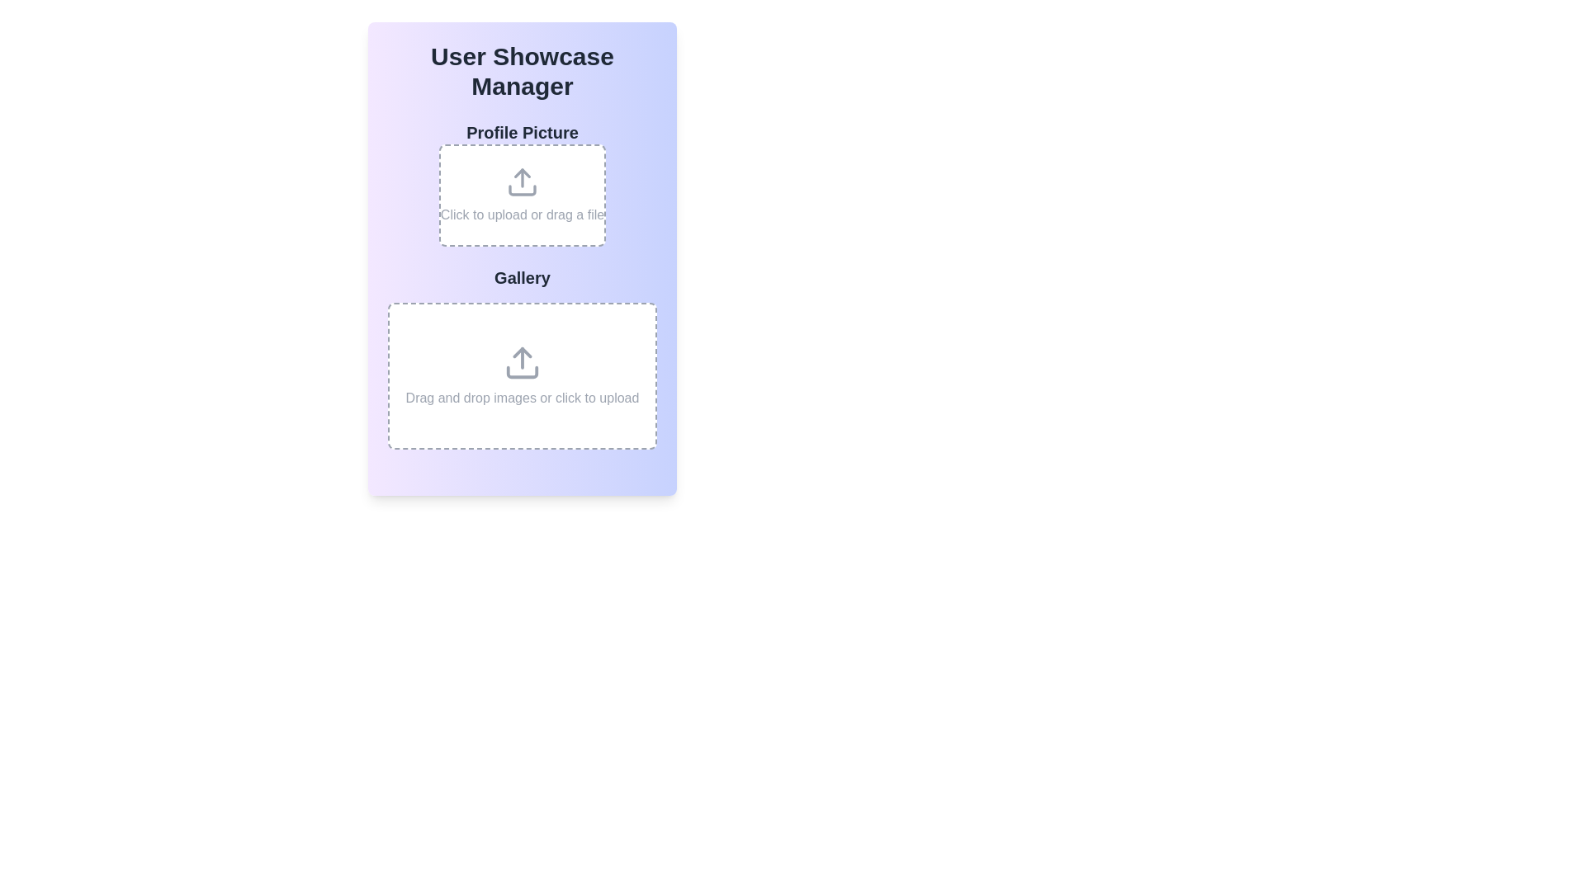  What do you see at coordinates (522, 372) in the screenshot?
I see `the decorative base element of the upload icon, which is positioned below the upward-pointing arrow within the dashed border box stating 'Drag and drop images or click to upload'` at bounding box center [522, 372].